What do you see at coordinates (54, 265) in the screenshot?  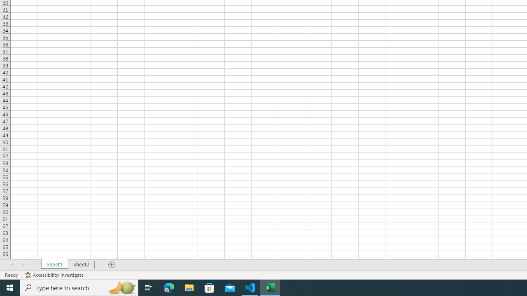 I see `'Sheet1'` at bounding box center [54, 265].